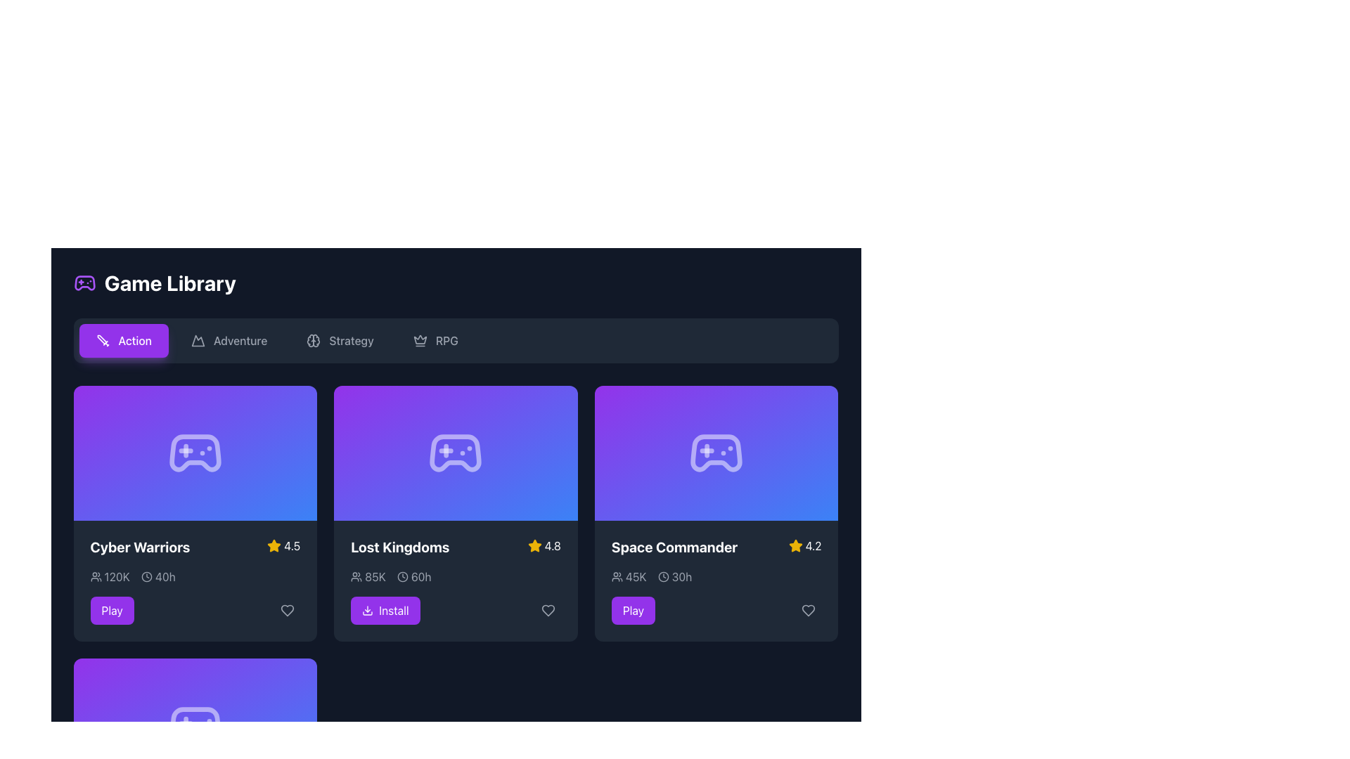 The width and height of the screenshot is (1350, 759). I want to click on the 'Strategy' text label in the dark-themed navigation bar, so click(351, 341).